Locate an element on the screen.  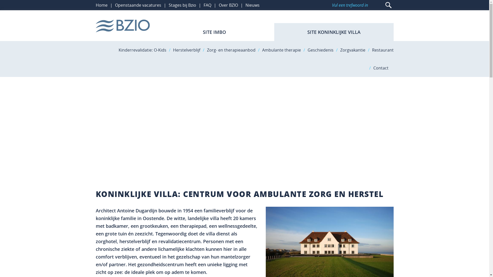
'Contact' is located at coordinates (381, 68).